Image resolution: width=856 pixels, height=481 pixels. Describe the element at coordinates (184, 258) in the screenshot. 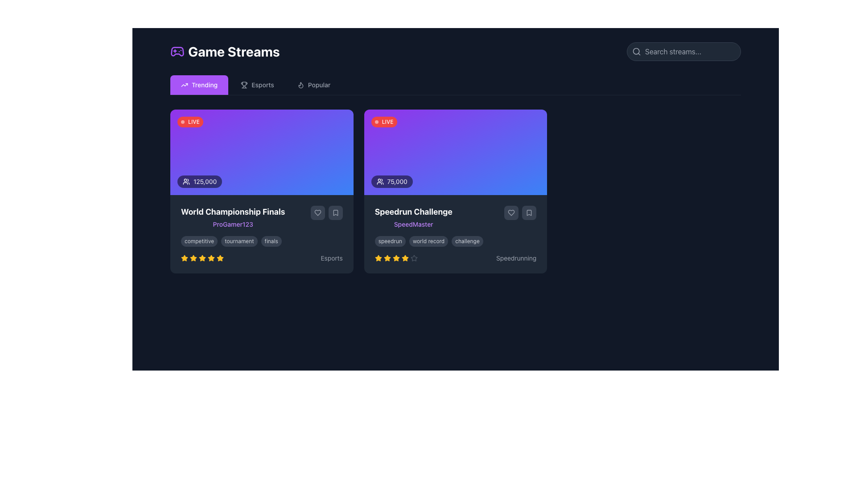

I see `the yellow star icon used for ratings located at the bottom-left corner of the 'World Championship Finals' content card` at that location.